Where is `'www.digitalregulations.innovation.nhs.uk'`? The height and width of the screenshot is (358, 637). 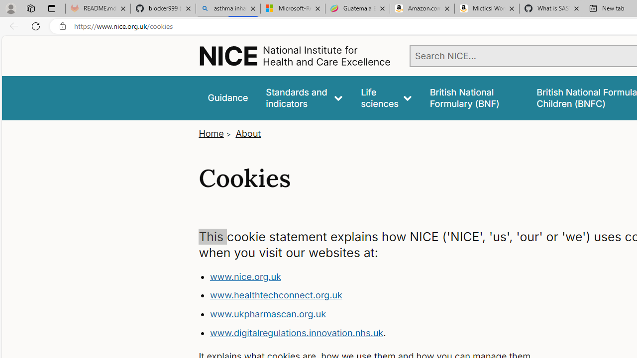
'www.digitalregulations.innovation.nhs.uk' is located at coordinates (296, 332).